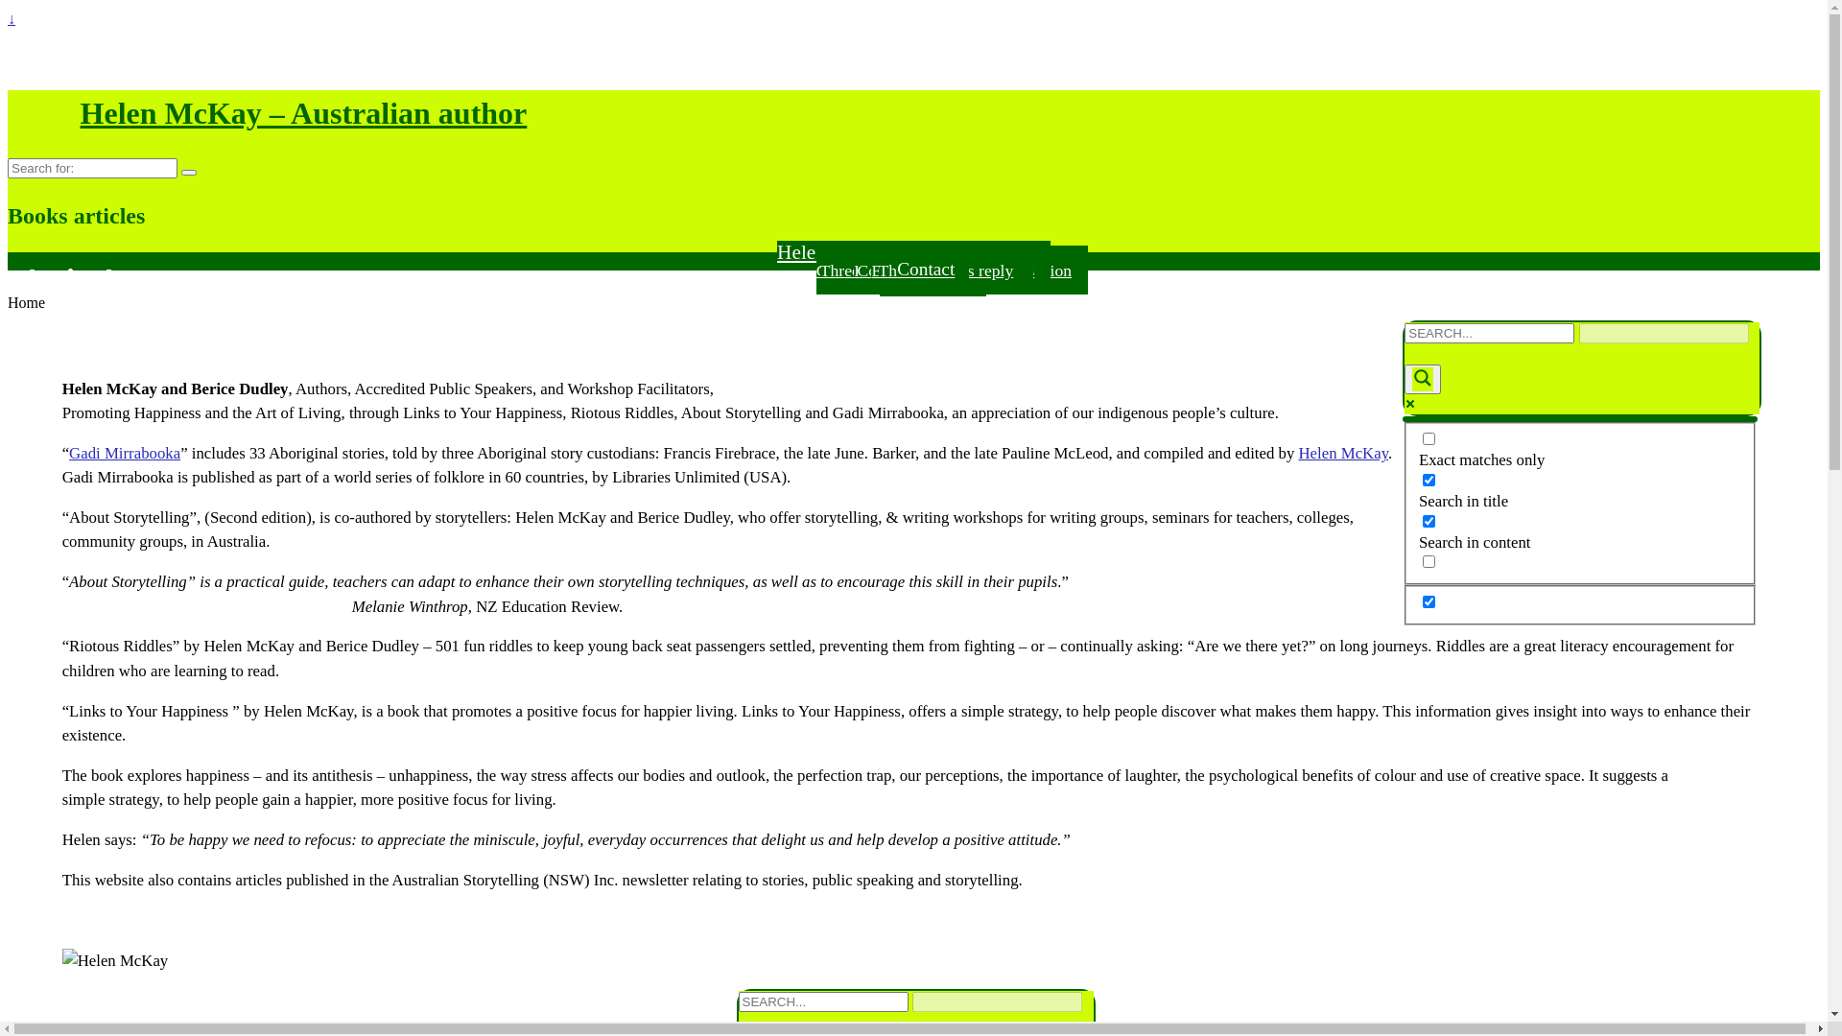  I want to click on 'Gadi Mirrabooka', so click(123, 453).